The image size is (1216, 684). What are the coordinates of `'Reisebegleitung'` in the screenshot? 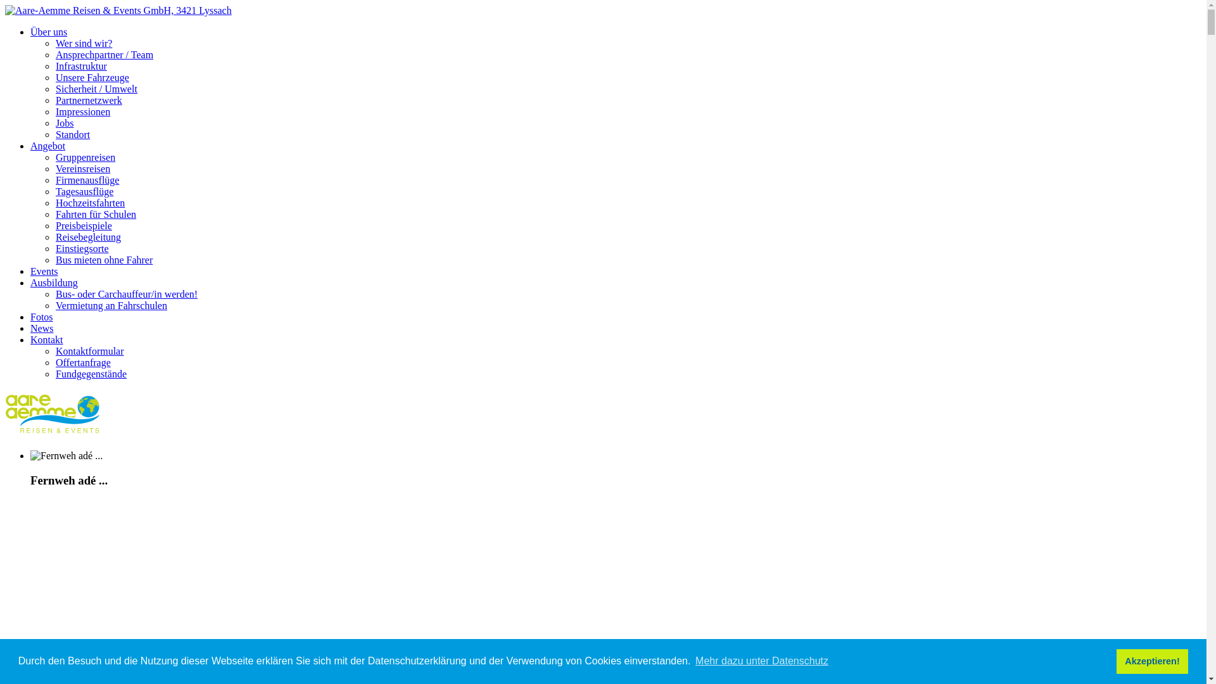 It's located at (87, 237).